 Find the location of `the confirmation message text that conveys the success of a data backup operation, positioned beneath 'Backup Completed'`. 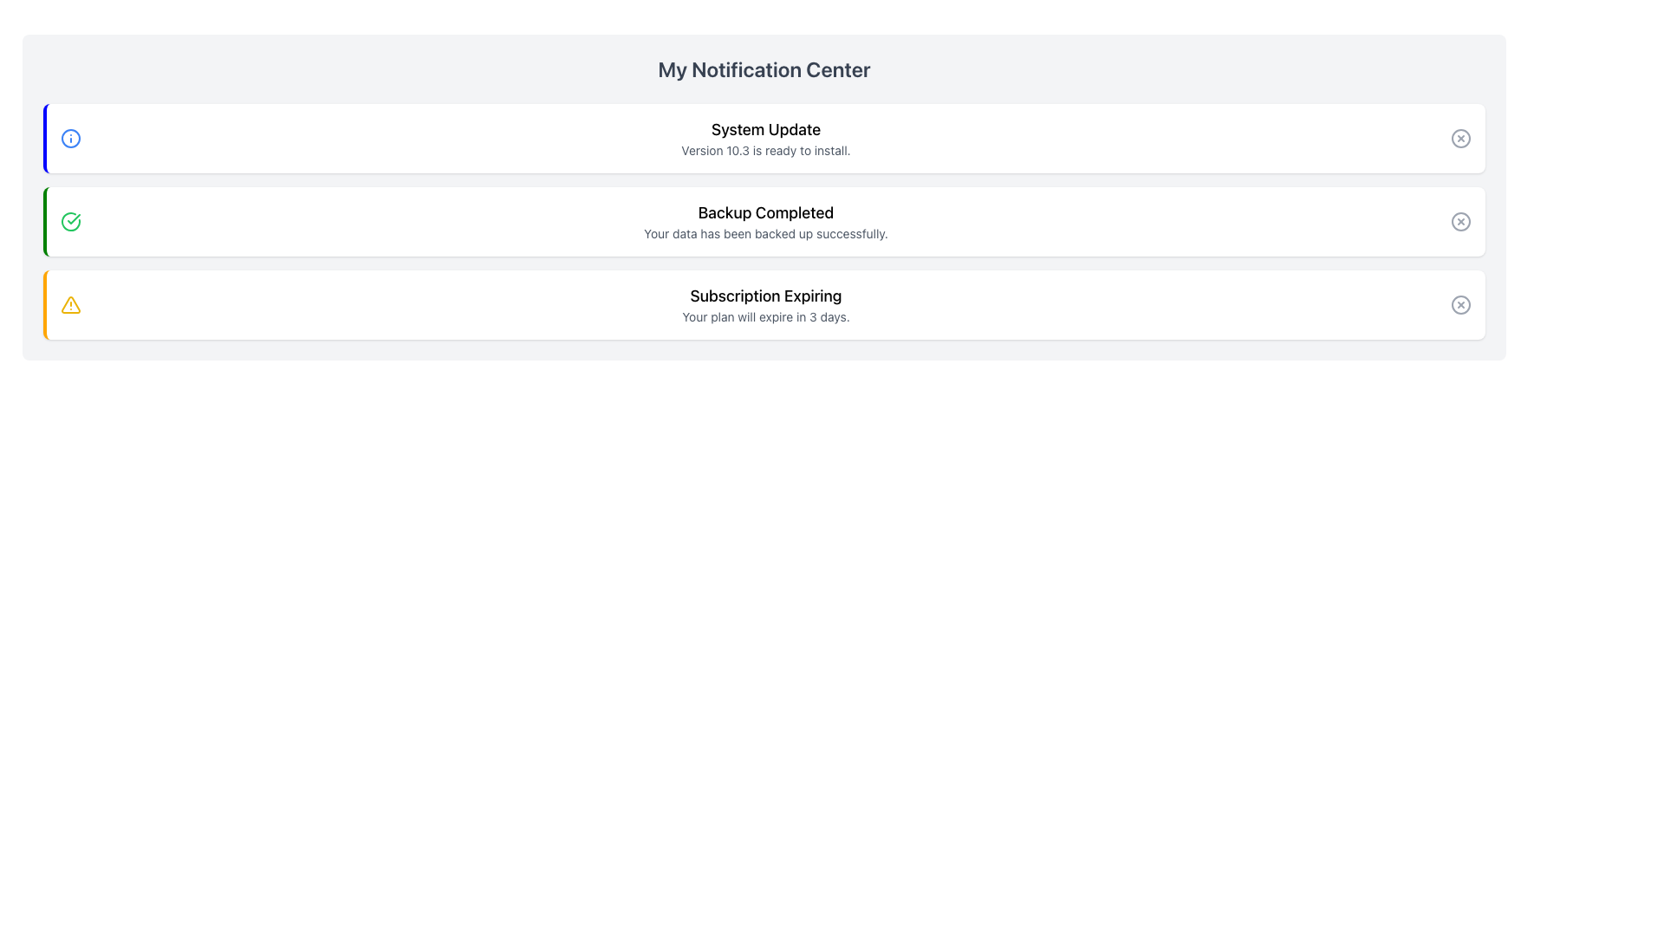

the confirmation message text that conveys the success of a data backup operation, positioned beneath 'Backup Completed' is located at coordinates (764, 234).